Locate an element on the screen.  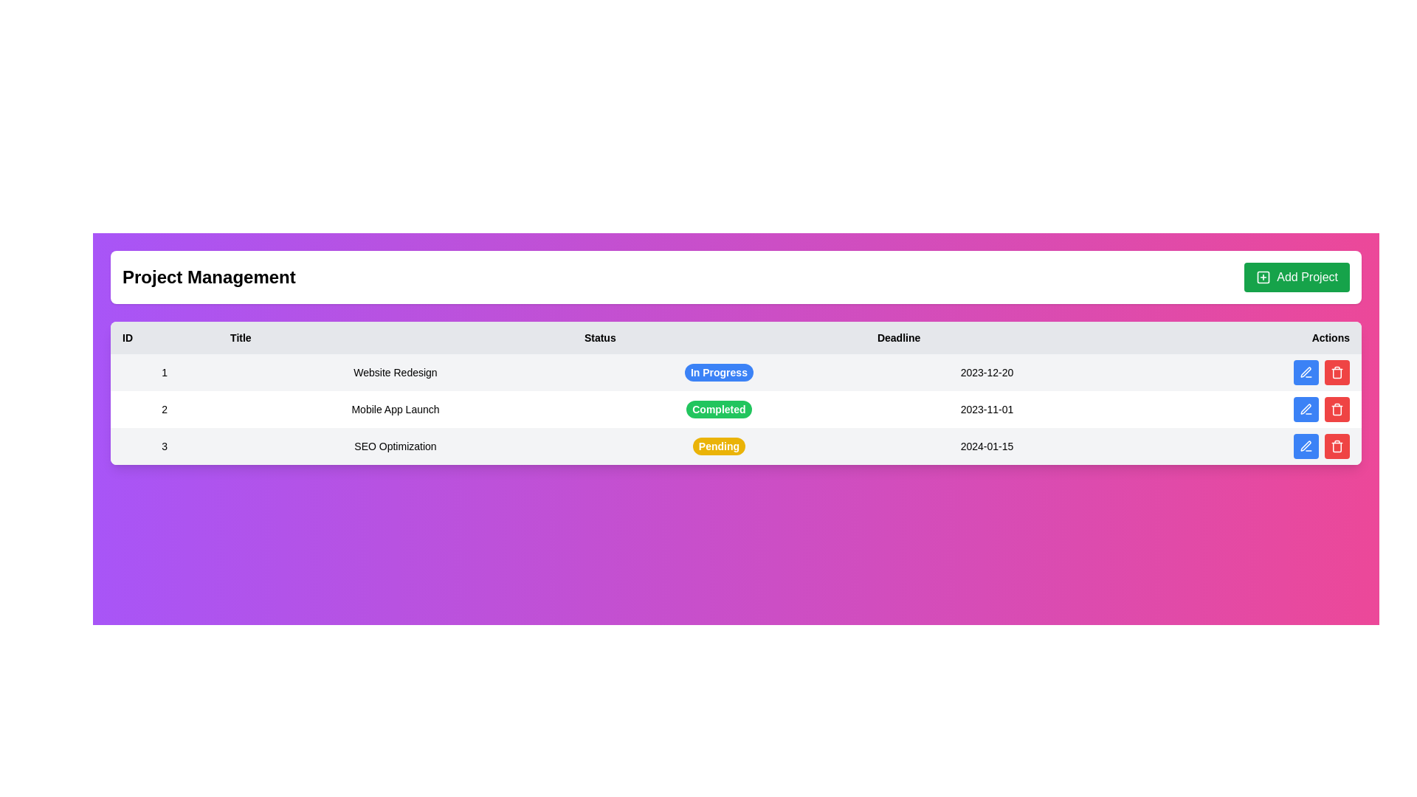
the 'In Progress' status indicator in the 'Status' column of the table labeled 'Website Redesign' with ID '1' is located at coordinates (719, 372).